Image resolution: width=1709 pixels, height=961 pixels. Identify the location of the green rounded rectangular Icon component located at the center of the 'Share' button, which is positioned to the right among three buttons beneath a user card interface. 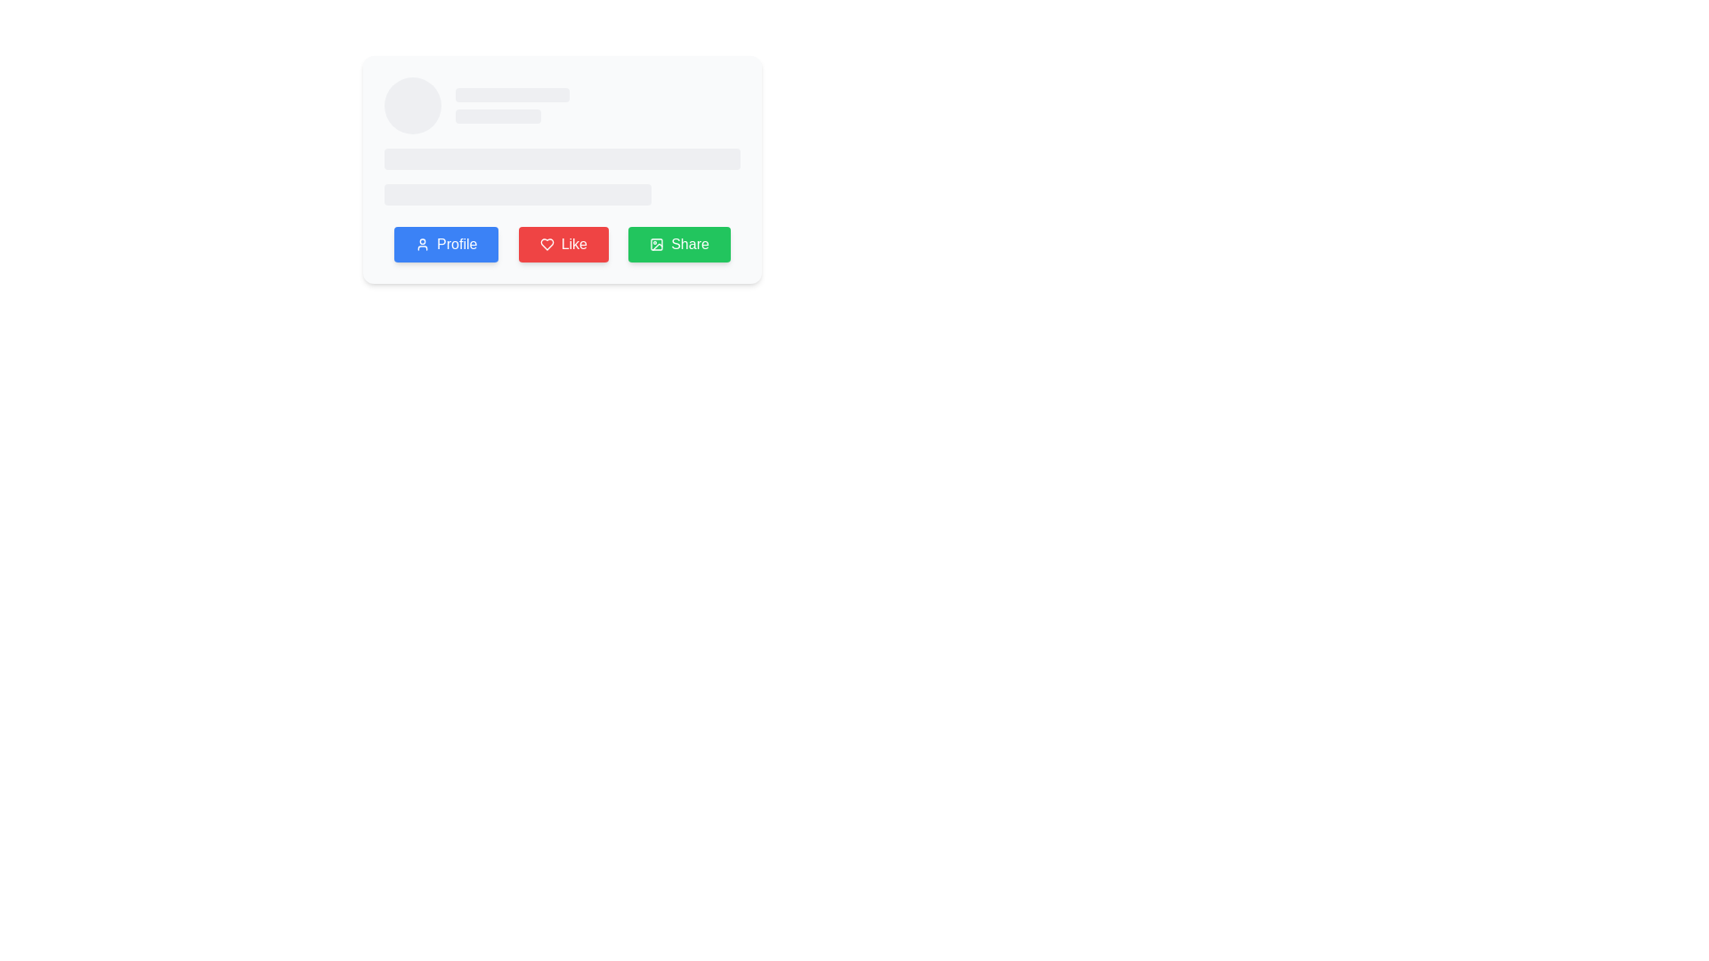
(656, 244).